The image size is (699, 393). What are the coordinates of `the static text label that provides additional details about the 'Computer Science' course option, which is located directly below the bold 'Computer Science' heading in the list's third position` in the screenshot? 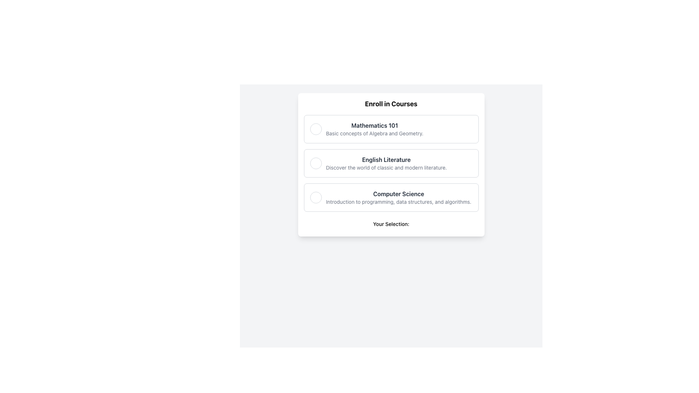 It's located at (398, 202).